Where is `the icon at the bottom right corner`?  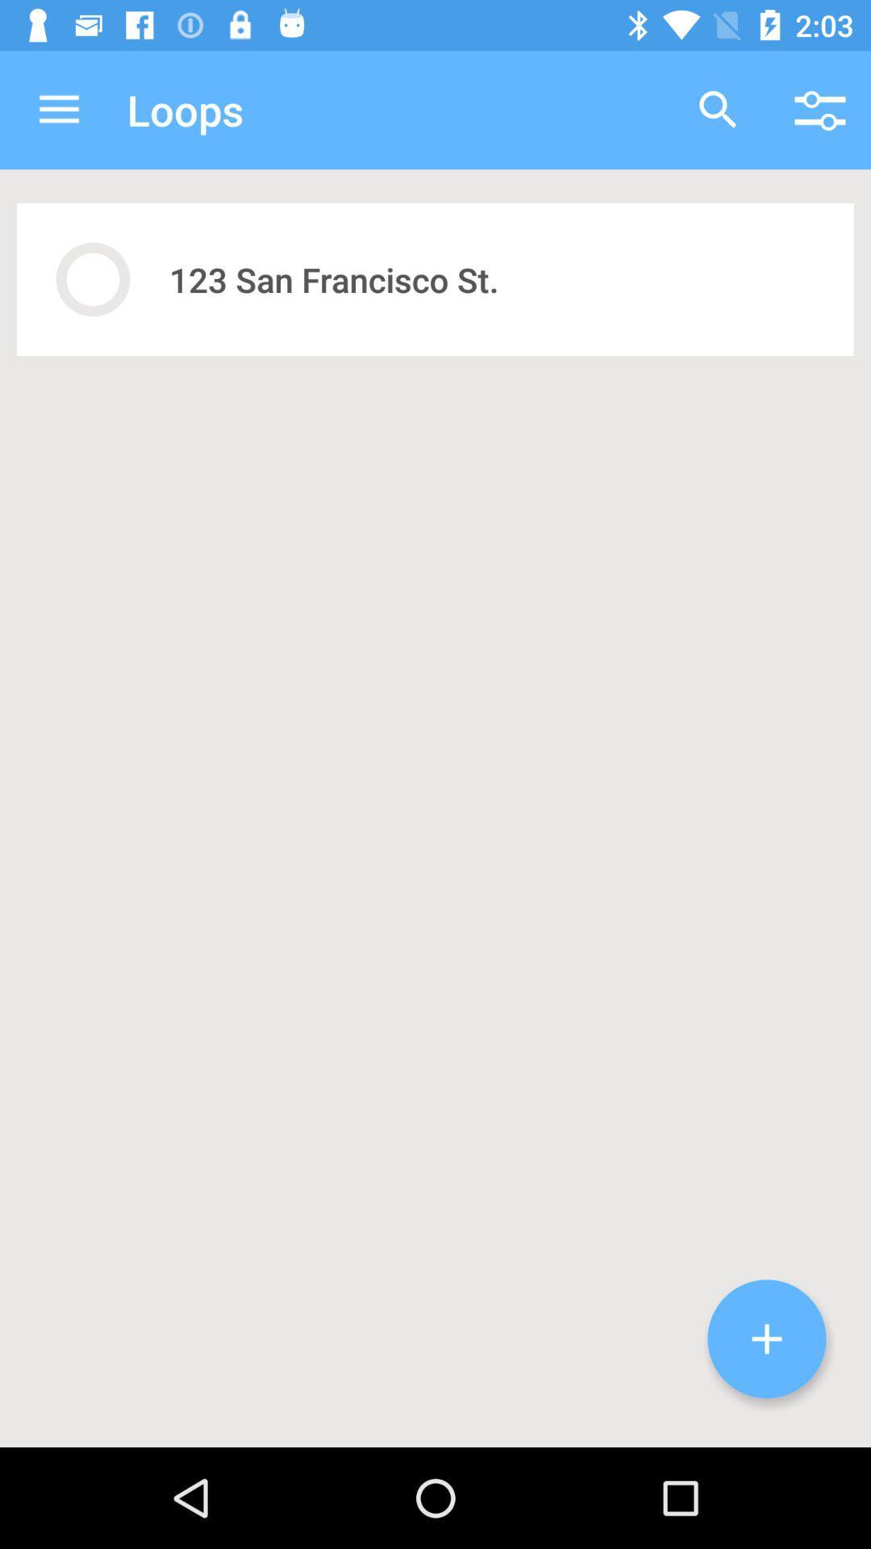
the icon at the bottom right corner is located at coordinates (766, 1338).